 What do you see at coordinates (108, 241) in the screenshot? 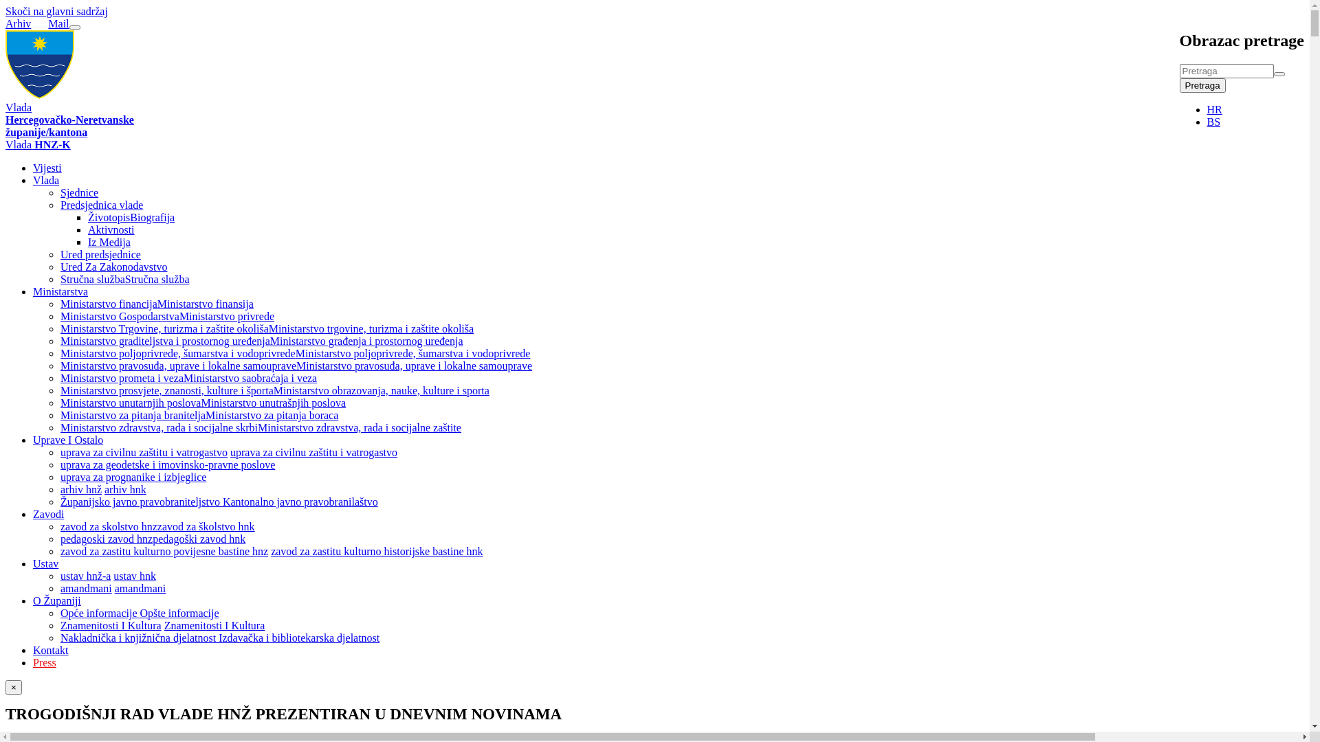
I see `'Iz Medija'` at bounding box center [108, 241].